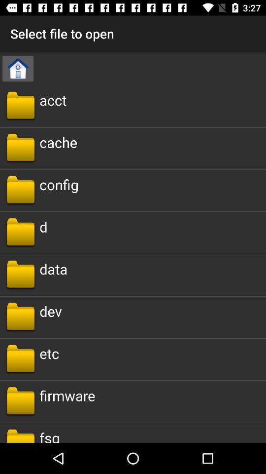 This screenshot has height=474, width=266. Describe the element at coordinates (66, 395) in the screenshot. I see `item above fsg icon` at that location.